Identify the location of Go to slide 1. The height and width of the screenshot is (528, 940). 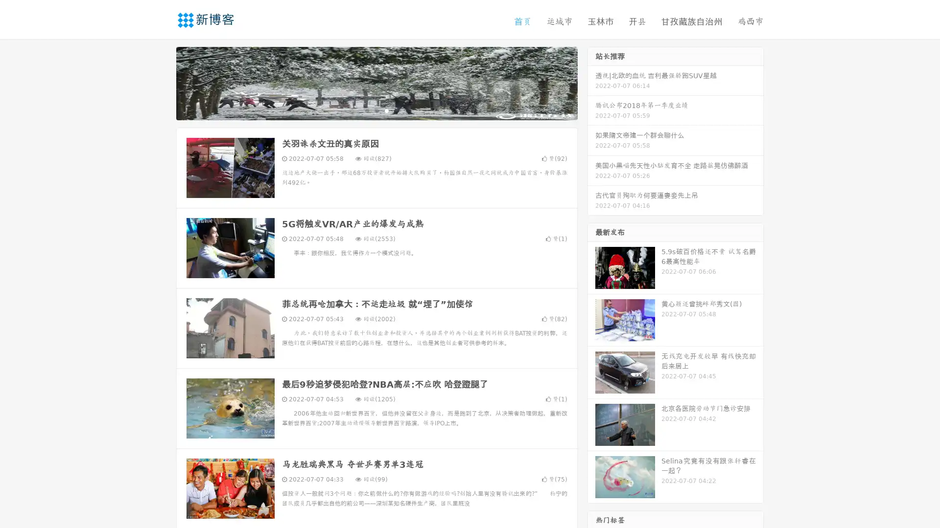
(366, 110).